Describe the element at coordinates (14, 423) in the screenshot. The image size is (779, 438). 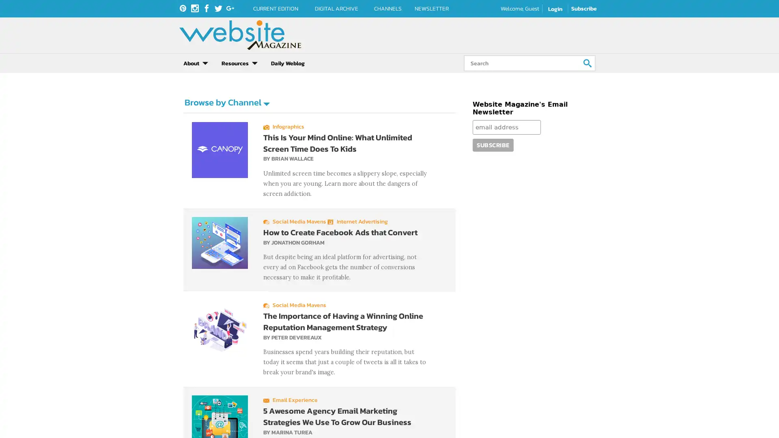
I see `Accessibility Menu` at that location.